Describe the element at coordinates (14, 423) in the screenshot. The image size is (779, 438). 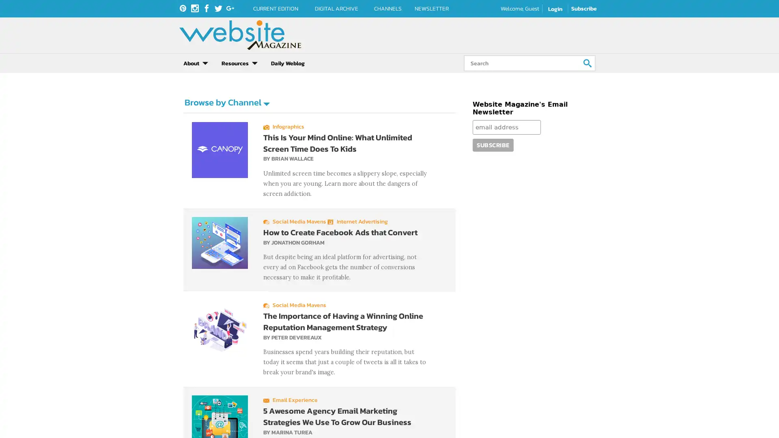
I see `Accessibility Menu` at that location.